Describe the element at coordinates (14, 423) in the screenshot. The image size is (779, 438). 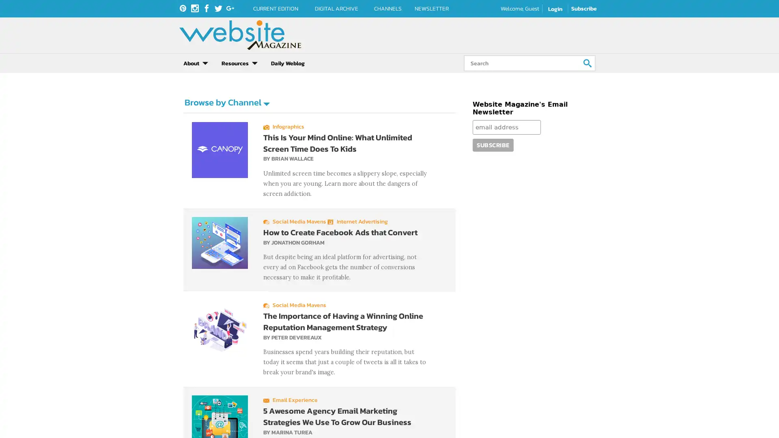
I see `Accessibility Menu` at that location.